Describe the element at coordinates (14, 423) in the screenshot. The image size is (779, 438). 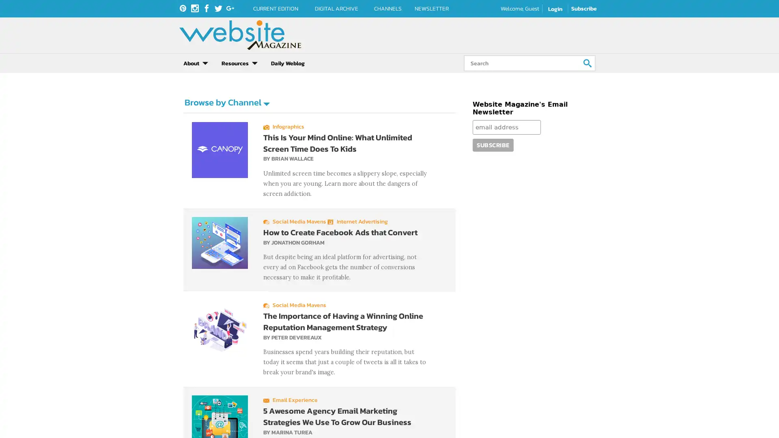
I see `Accessibility Menu` at that location.